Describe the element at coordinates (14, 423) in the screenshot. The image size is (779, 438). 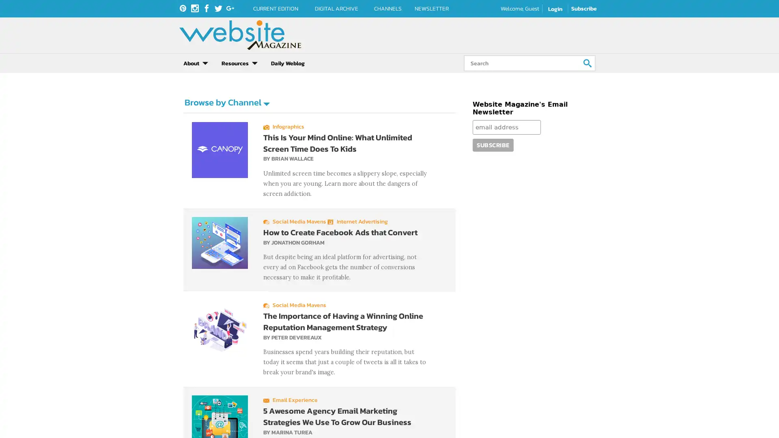
I see `Accessibility Menu` at that location.